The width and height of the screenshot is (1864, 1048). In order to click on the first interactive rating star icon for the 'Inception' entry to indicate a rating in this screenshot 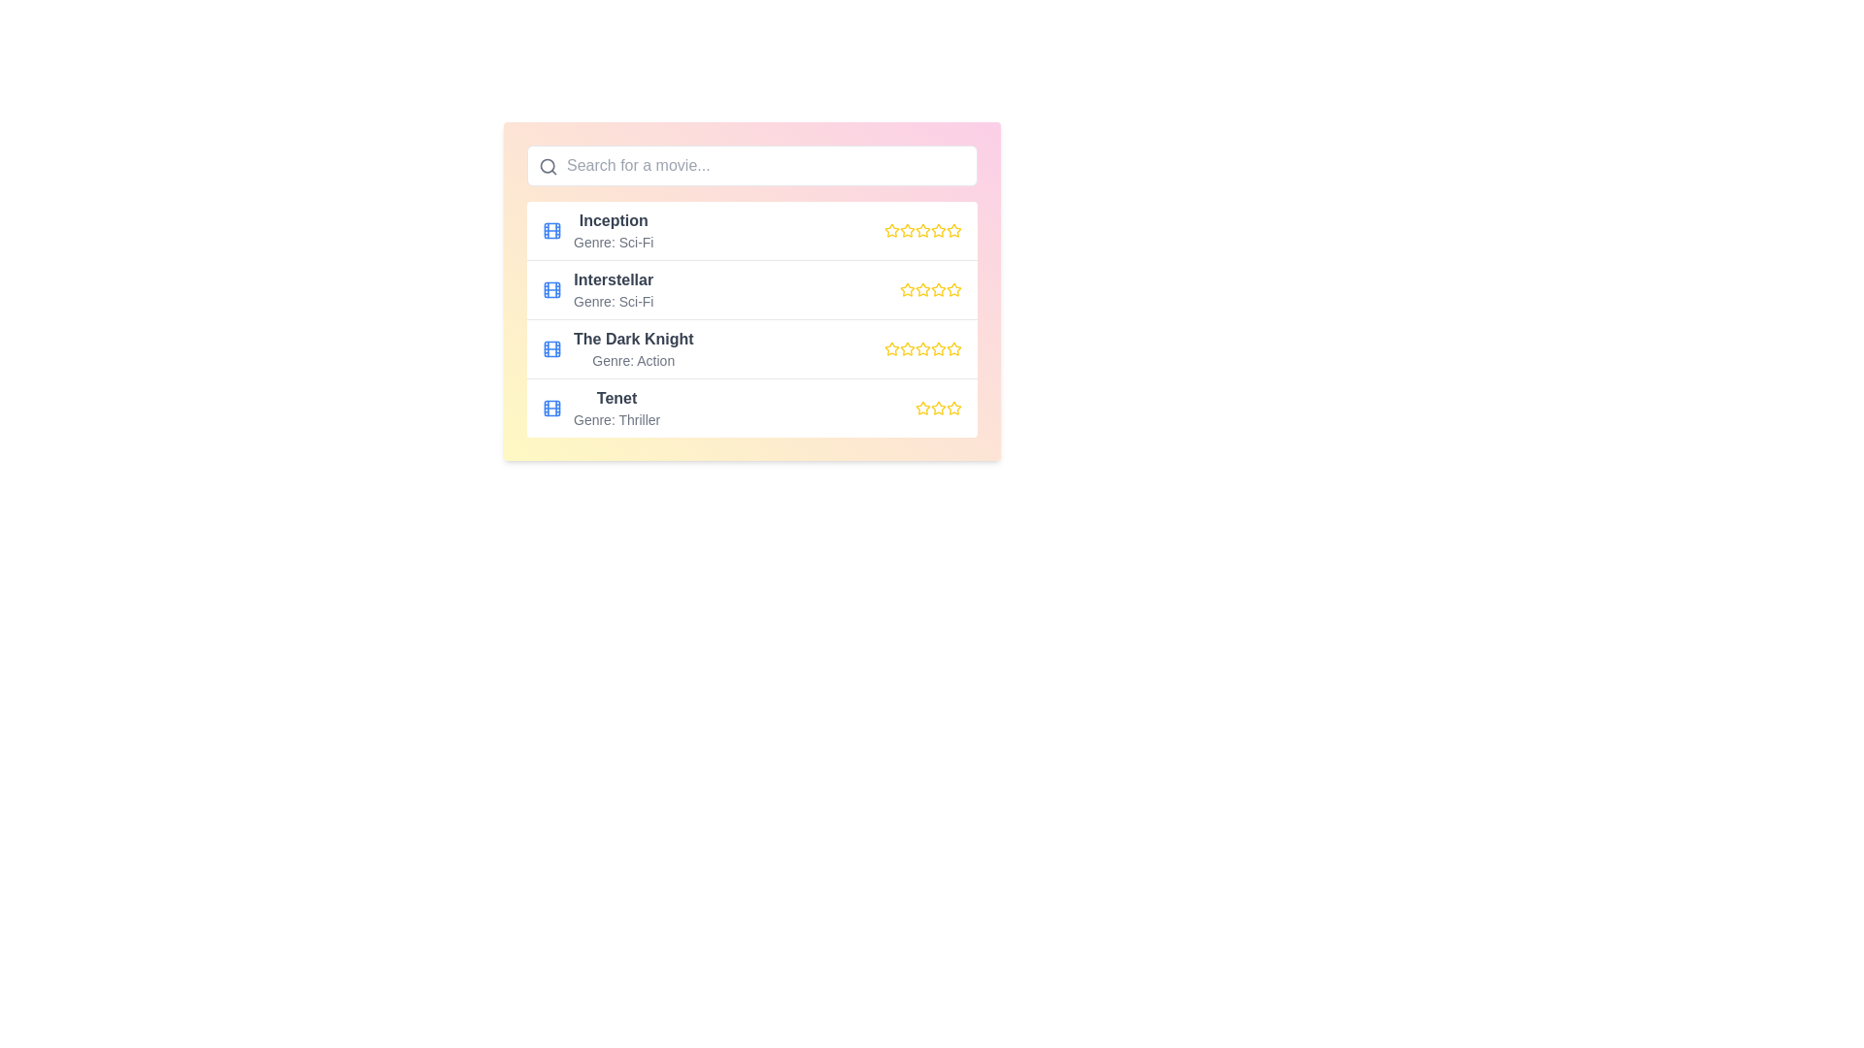, I will do `click(906, 228)`.